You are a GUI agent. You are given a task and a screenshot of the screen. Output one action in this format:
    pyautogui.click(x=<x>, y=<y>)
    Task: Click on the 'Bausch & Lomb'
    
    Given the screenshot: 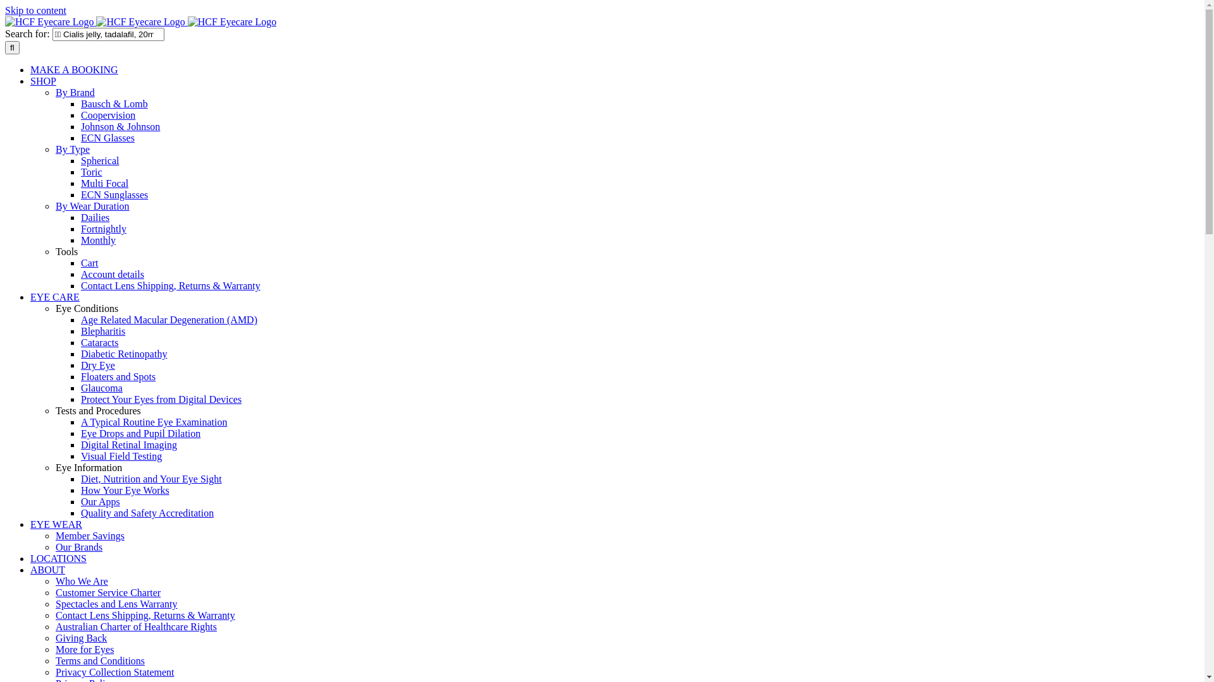 What is the action you would take?
    pyautogui.click(x=114, y=103)
    